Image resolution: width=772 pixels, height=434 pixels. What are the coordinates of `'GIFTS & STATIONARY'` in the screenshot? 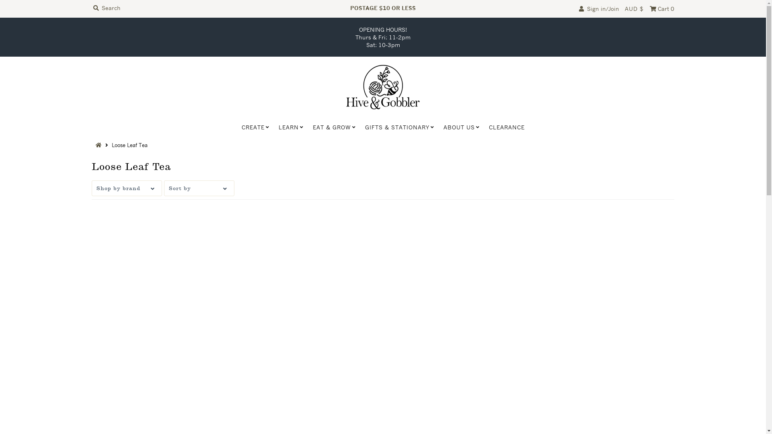 It's located at (397, 127).